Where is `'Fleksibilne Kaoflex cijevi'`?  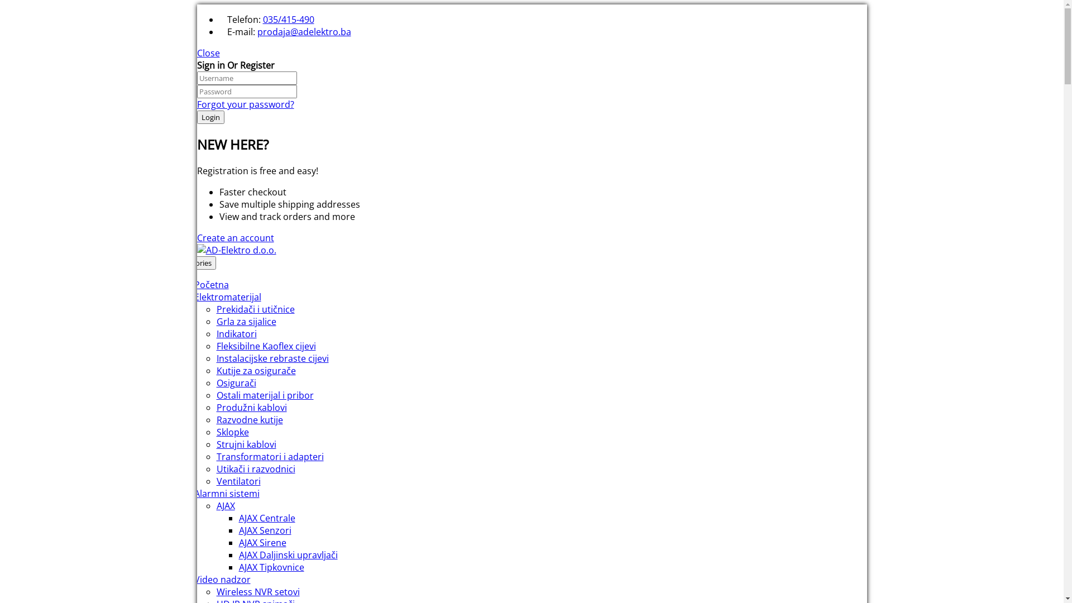
'Fleksibilne Kaoflex cijevi' is located at coordinates (265, 346).